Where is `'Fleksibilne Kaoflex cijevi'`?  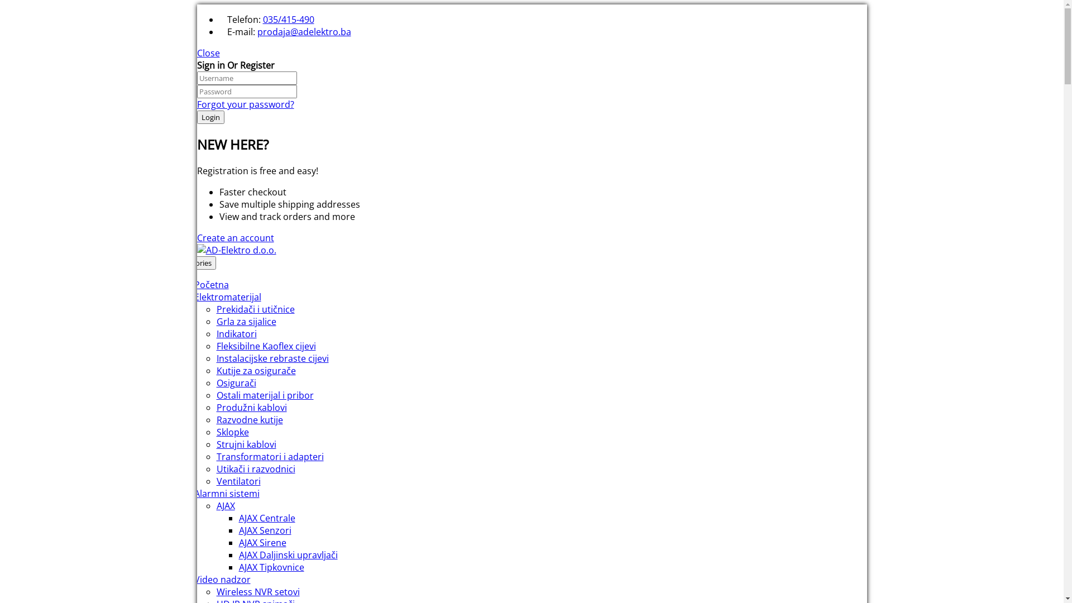
'Fleksibilne Kaoflex cijevi' is located at coordinates (265, 346).